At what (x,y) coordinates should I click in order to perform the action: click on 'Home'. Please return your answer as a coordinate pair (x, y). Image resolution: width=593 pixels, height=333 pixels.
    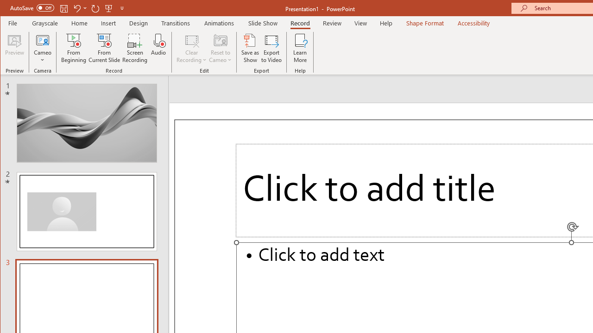
    Looking at the image, I should click on (79, 23).